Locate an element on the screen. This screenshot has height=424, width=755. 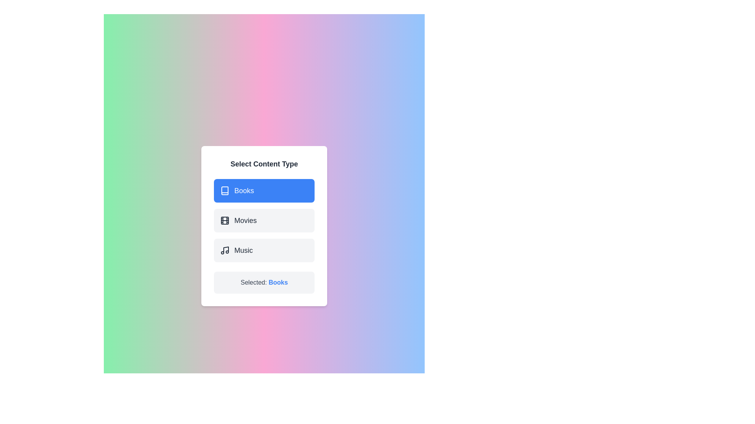
the SVG rectangle element that represents the central part of the movie or film reel icon by clicking on it is located at coordinates (224, 221).